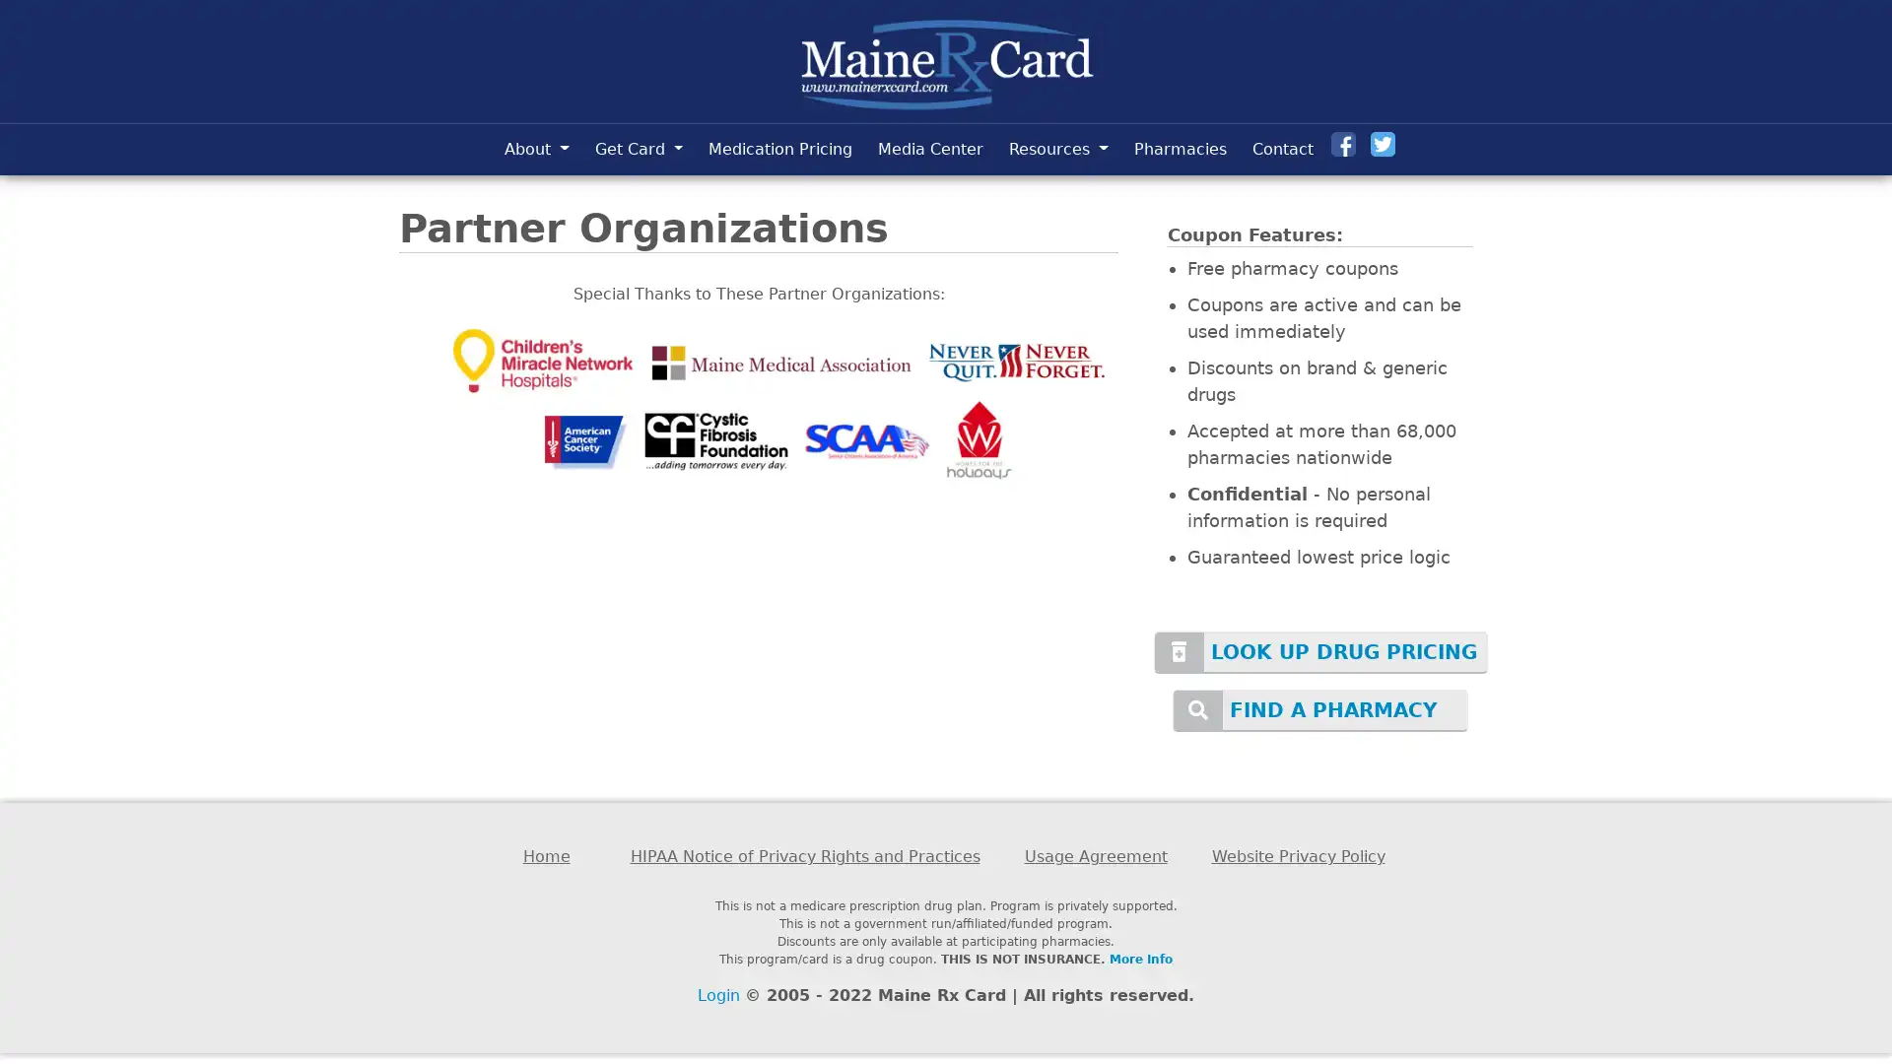  What do you see at coordinates (535, 148) in the screenshot?
I see `About` at bounding box center [535, 148].